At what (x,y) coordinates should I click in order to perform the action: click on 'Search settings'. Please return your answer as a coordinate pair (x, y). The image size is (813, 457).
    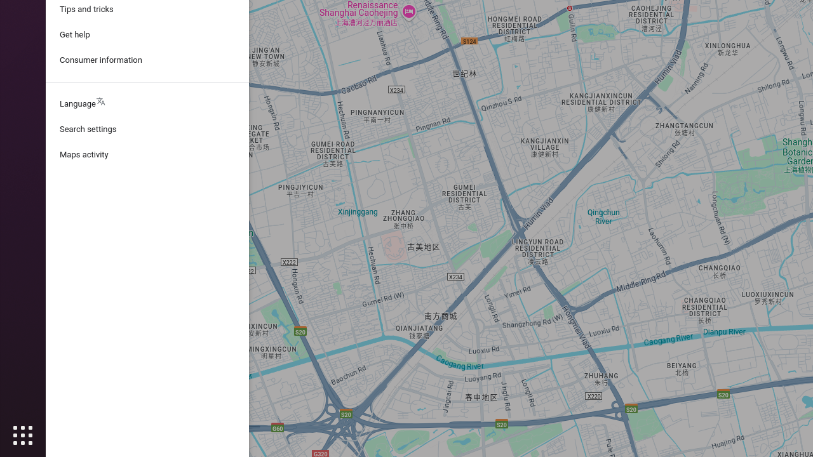
    Looking at the image, I should click on (147, 129).